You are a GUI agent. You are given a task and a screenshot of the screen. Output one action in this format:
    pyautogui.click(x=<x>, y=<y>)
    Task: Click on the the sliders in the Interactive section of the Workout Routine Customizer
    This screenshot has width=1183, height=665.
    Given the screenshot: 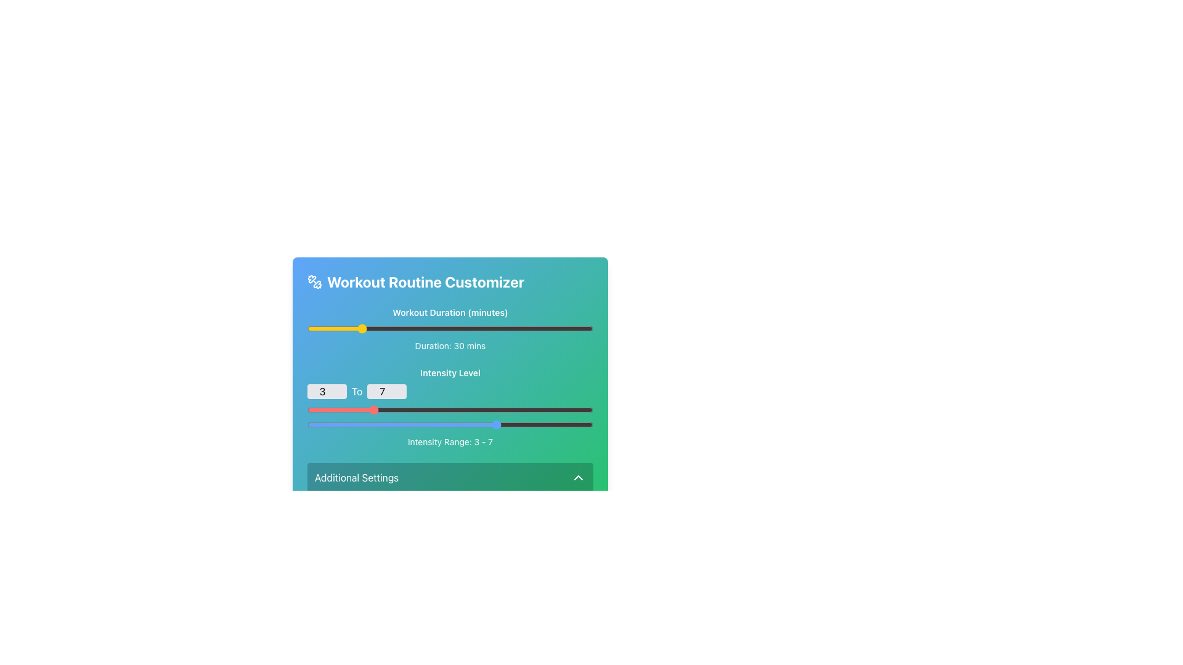 What is the action you would take?
    pyautogui.click(x=449, y=408)
    